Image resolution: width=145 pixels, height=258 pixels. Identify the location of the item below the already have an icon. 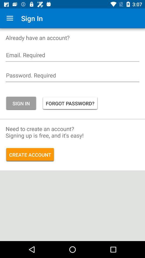
(73, 56).